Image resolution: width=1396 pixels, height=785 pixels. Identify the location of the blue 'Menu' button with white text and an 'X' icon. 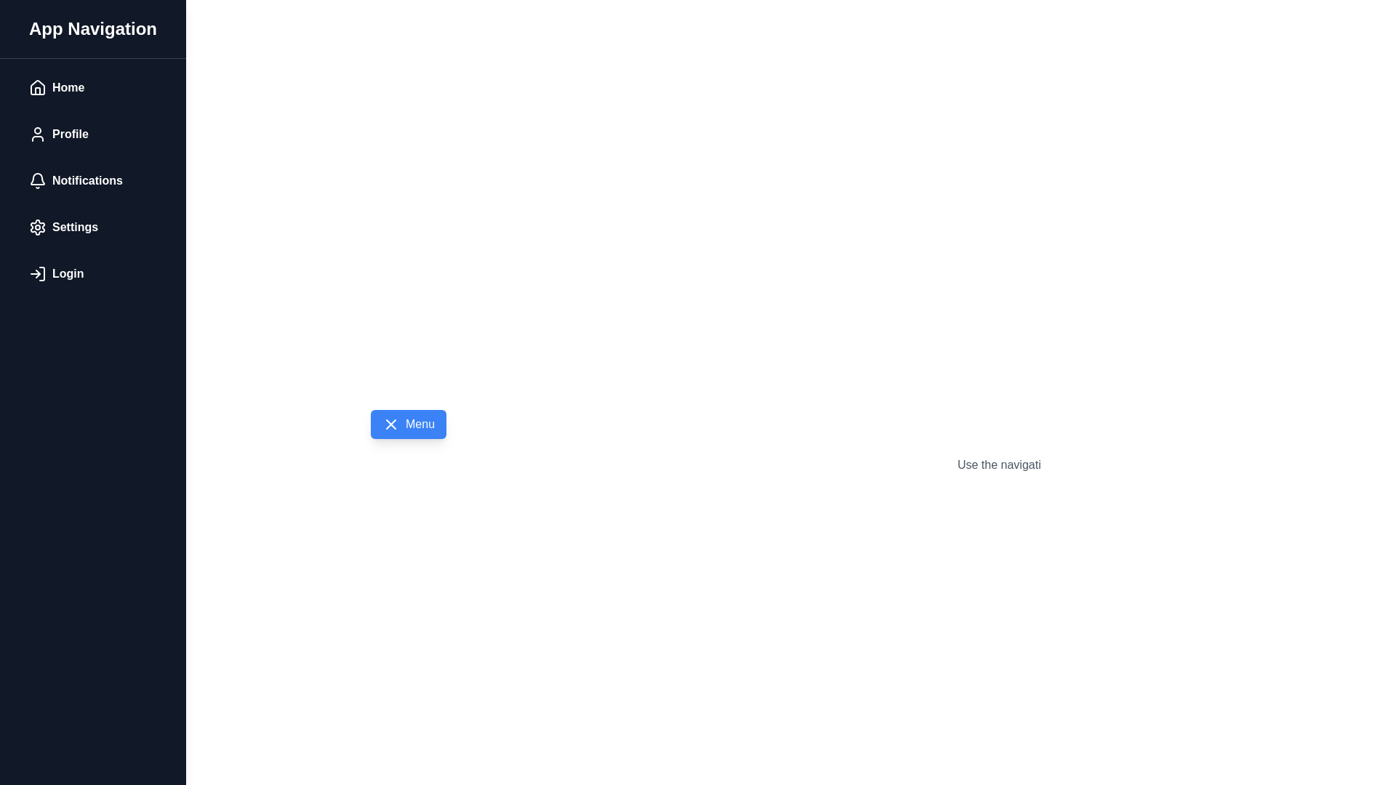
(407, 424).